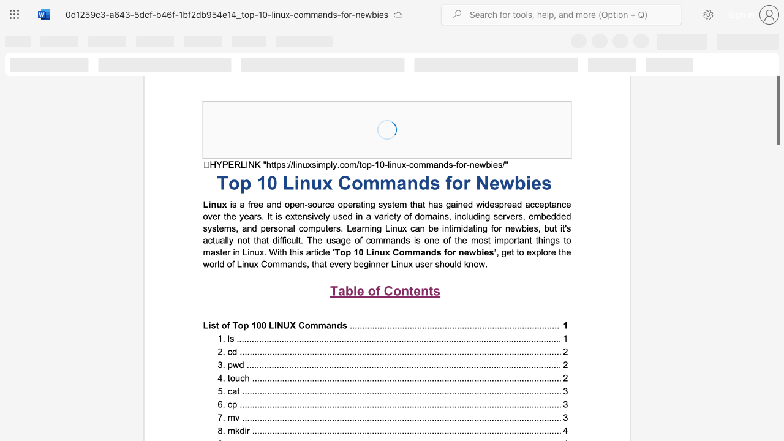 The height and width of the screenshot is (441, 784). Describe the element at coordinates (777, 404) in the screenshot. I see `the scrollbar on the right` at that location.